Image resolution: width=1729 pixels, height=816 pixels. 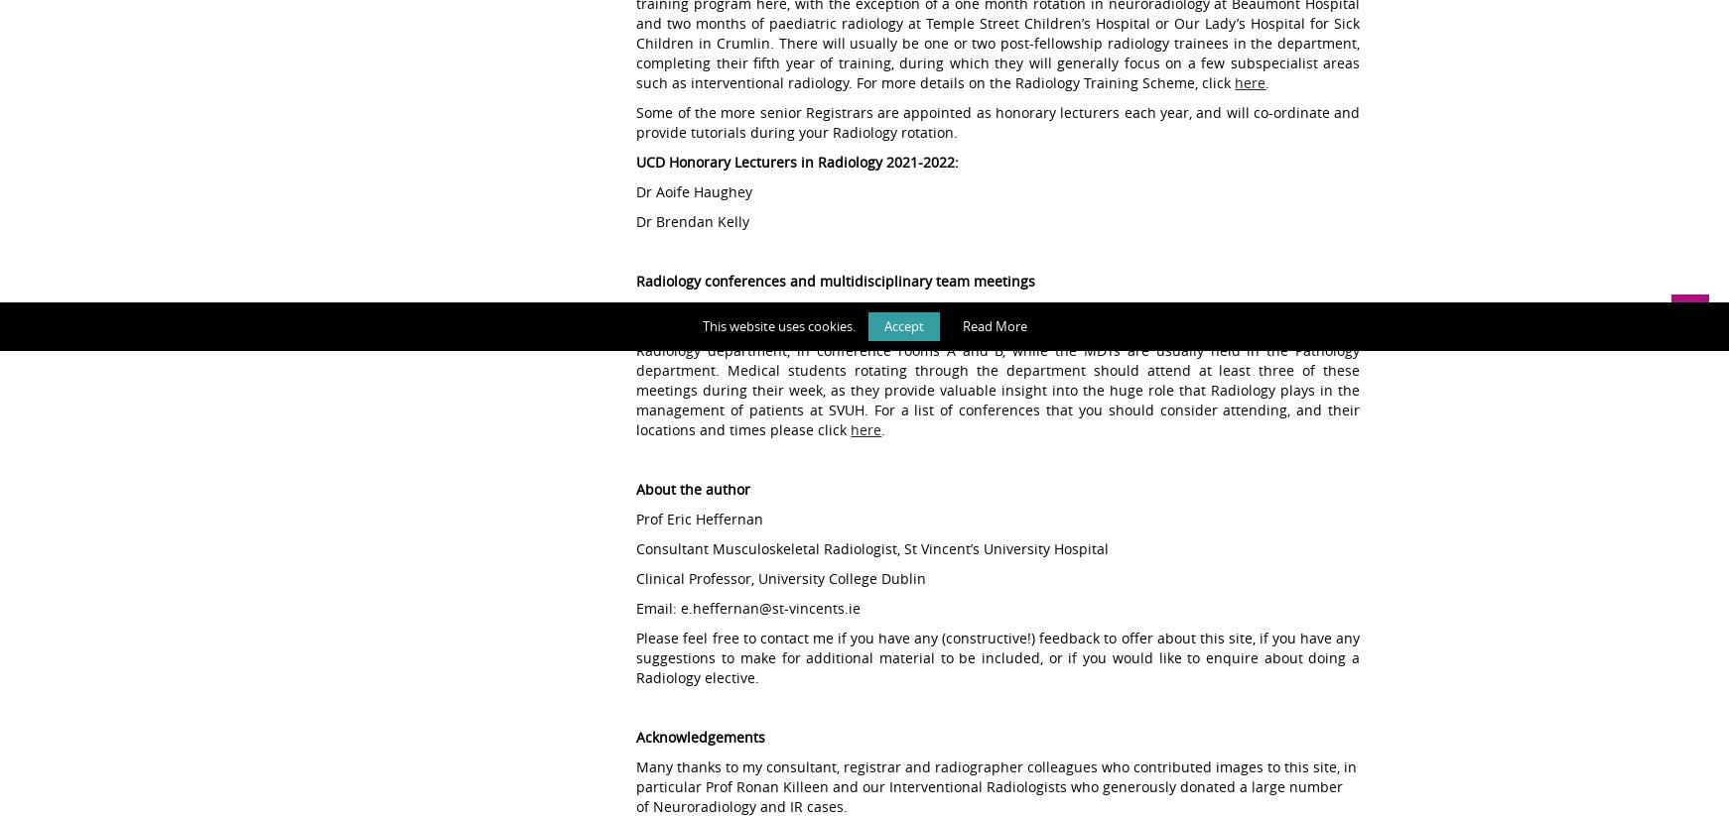 I want to click on 'Email: e.heffernan@st-vincents.ie', so click(x=747, y=607).